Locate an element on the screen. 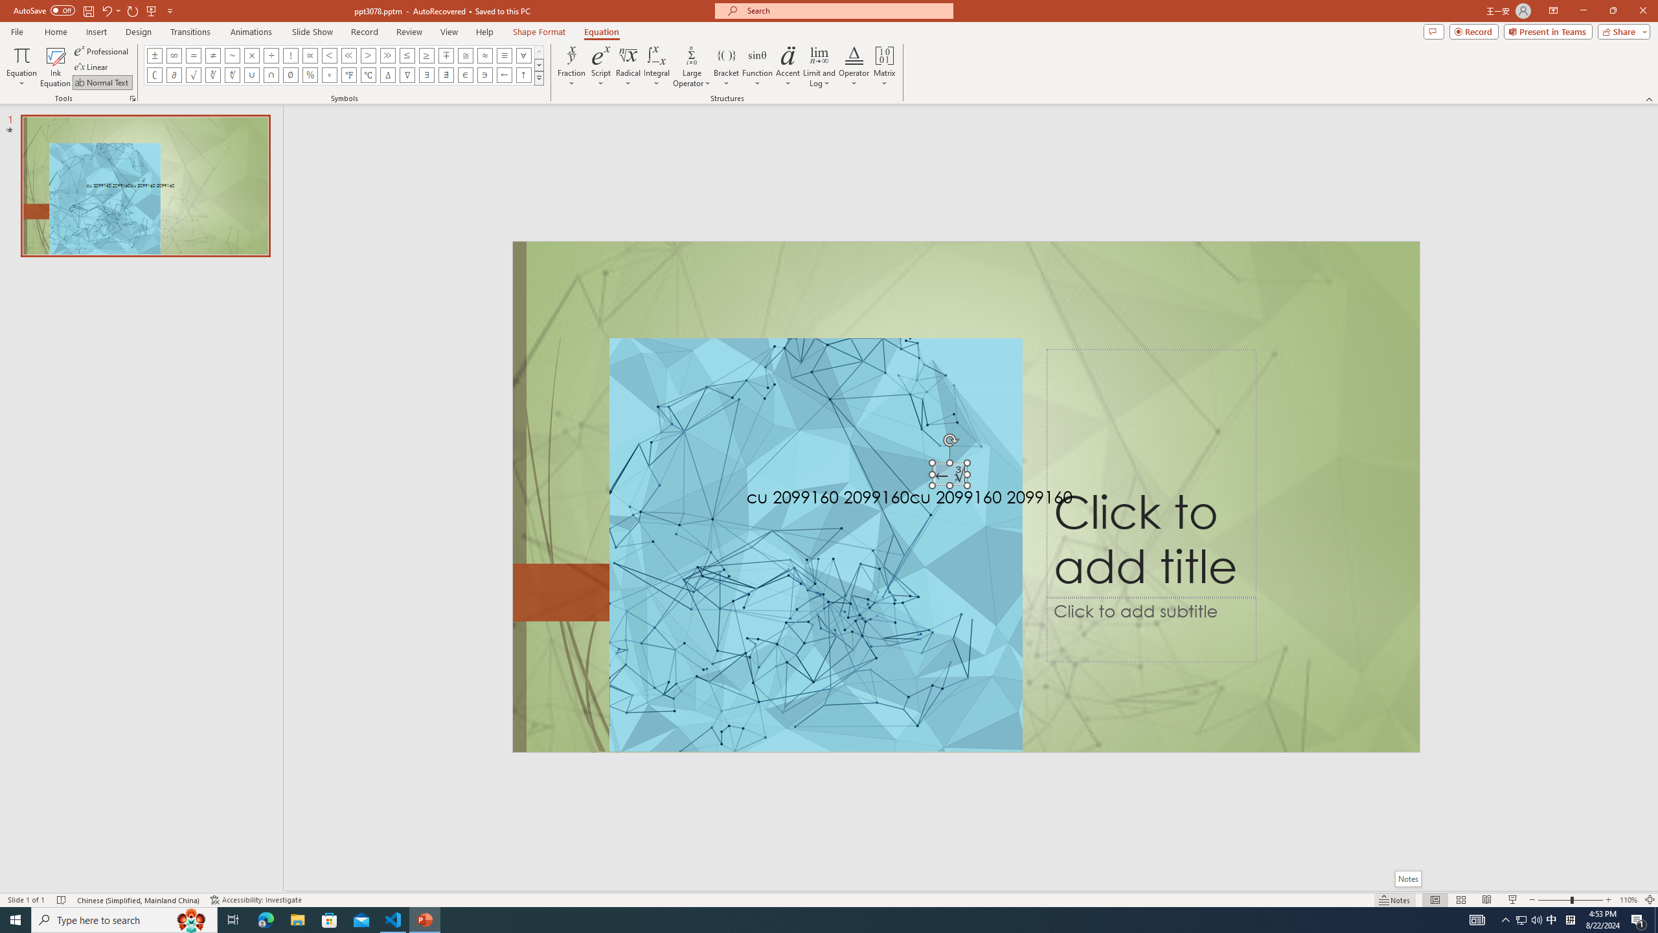  'Equation Symbol Approximately' is located at coordinates (232, 54).